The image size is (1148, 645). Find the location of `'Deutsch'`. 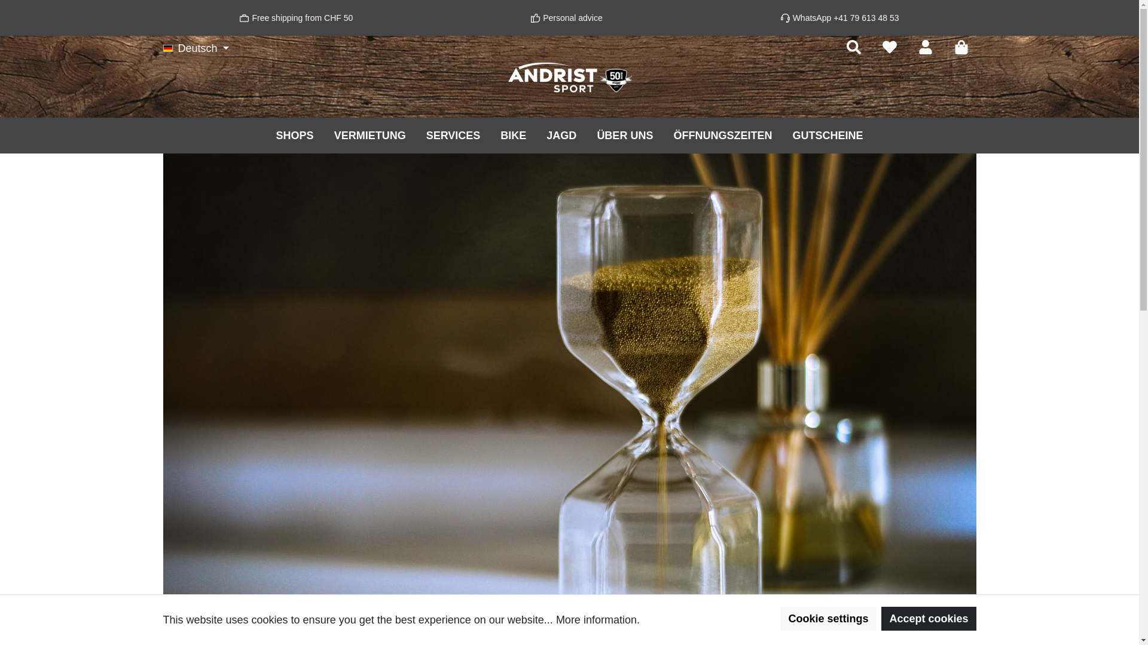

'Deutsch' is located at coordinates (196, 48).